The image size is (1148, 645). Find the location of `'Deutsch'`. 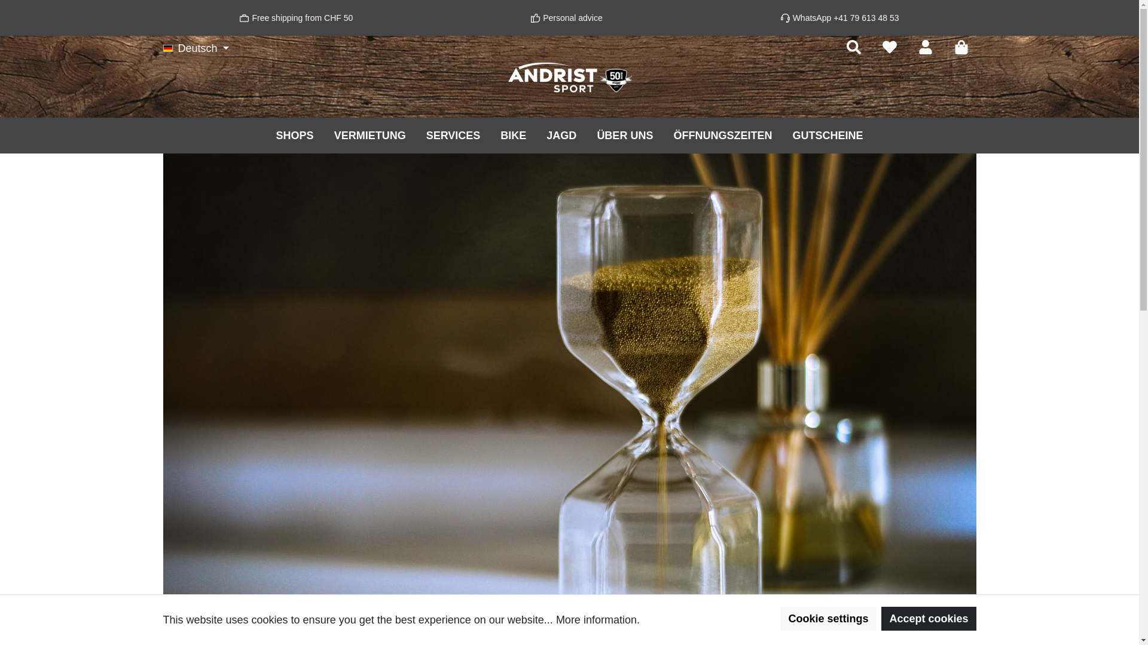

'Deutsch' is located at coordinates (196, 48).